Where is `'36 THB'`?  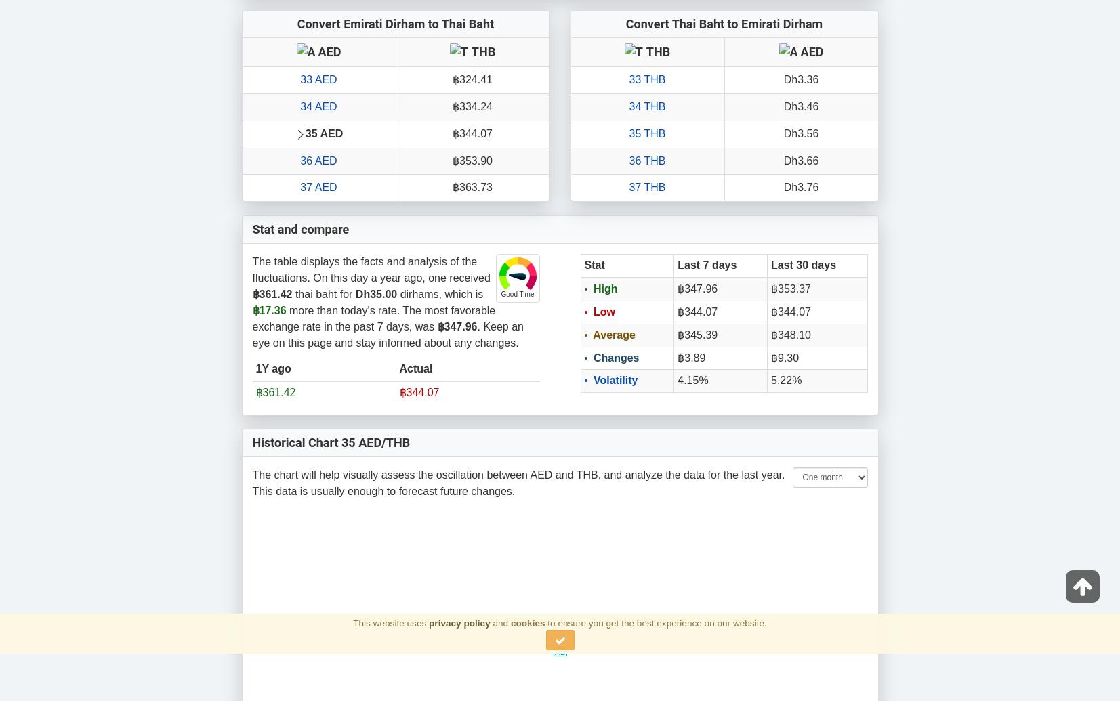 '36 THB' is located at coordinates (646, 160).